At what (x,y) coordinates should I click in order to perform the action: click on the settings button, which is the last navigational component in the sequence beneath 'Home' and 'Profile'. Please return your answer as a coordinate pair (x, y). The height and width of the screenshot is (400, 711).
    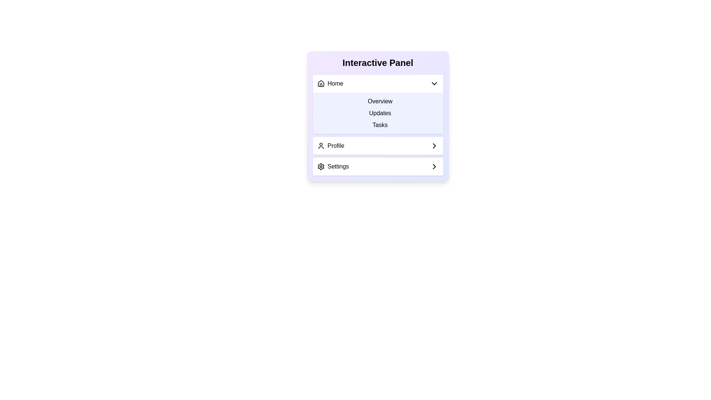
    Looking at the image, I should click on (378, 167).